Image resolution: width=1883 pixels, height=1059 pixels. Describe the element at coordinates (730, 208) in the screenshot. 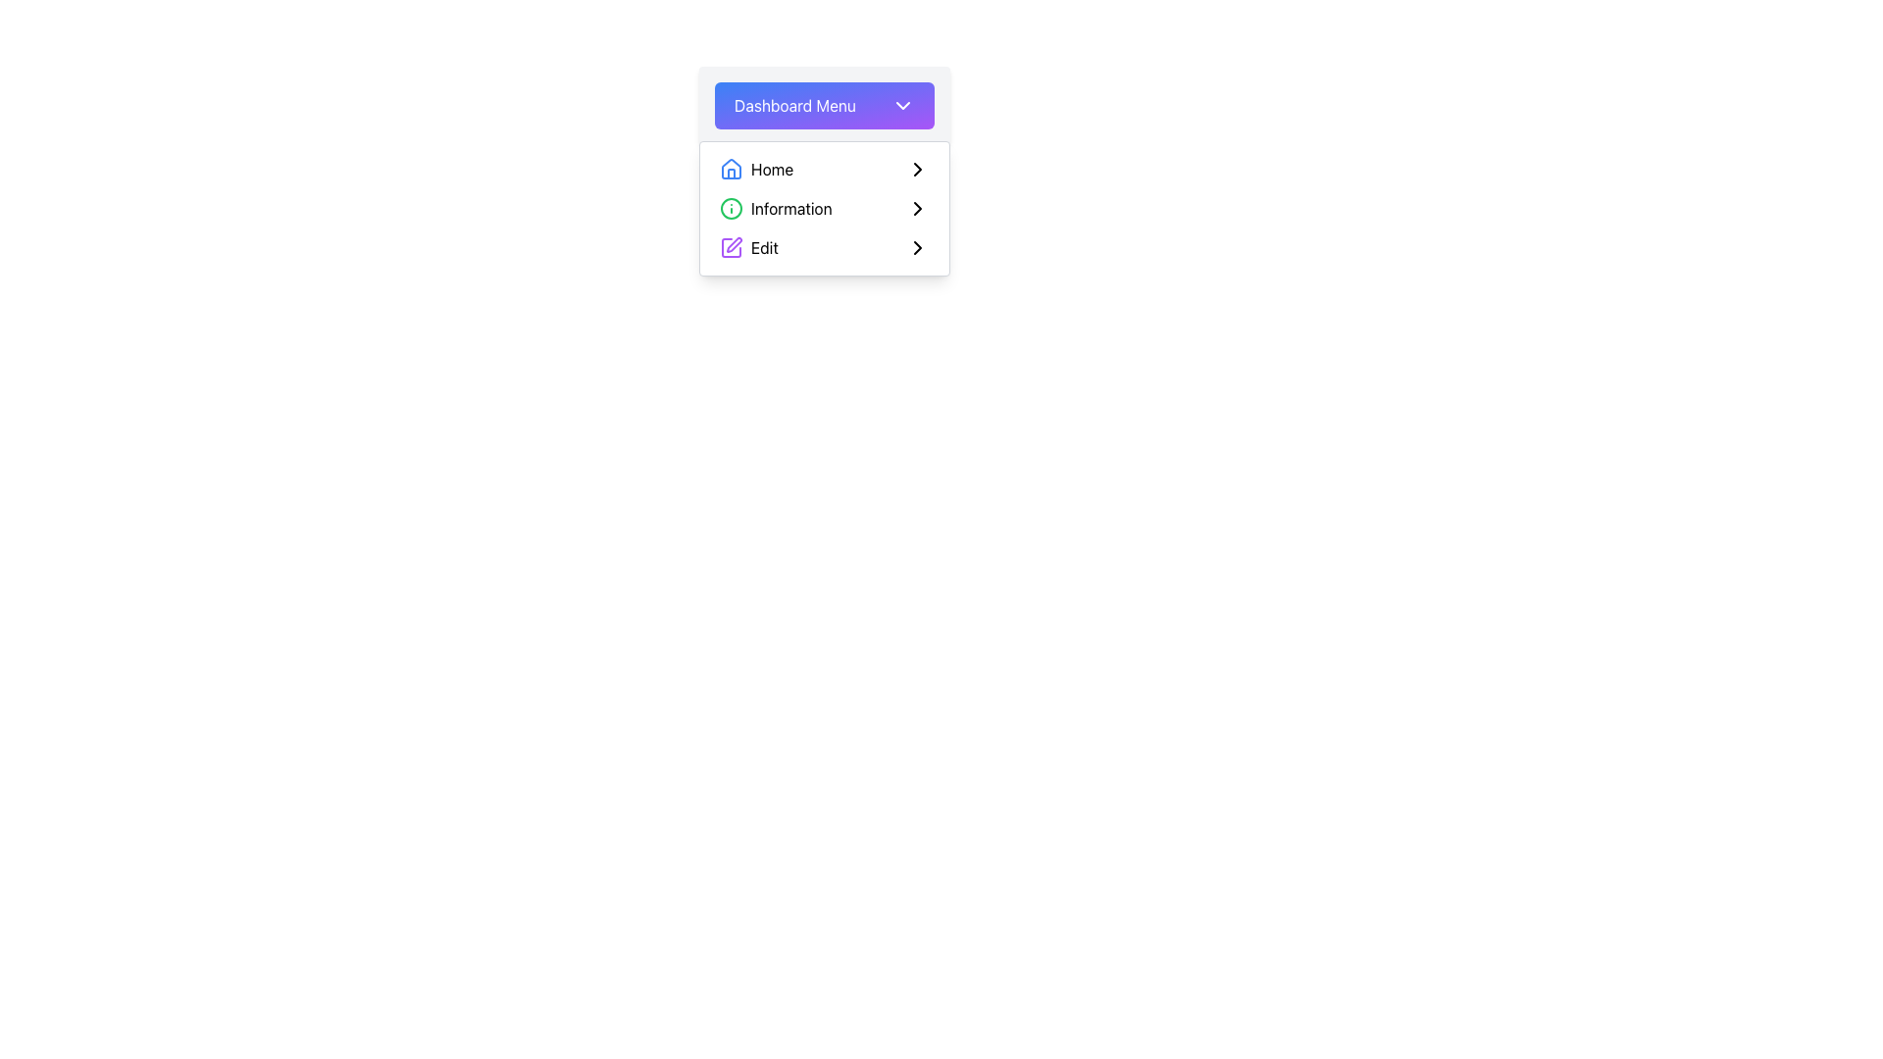

I see `the Icon that visually indicates the associated 'Information' label in the dropdown menu under the 'Dashboard Menu'` at that location.